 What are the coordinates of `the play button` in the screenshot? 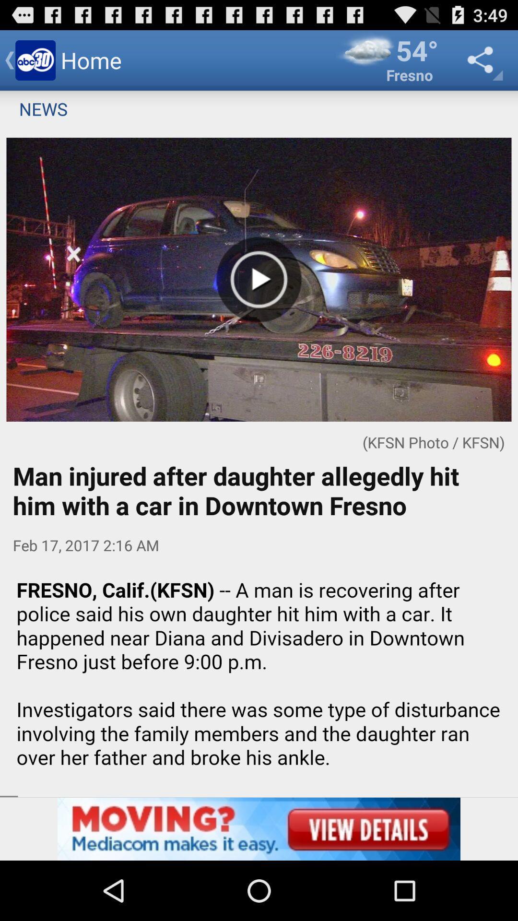 It's located at (259, 279).